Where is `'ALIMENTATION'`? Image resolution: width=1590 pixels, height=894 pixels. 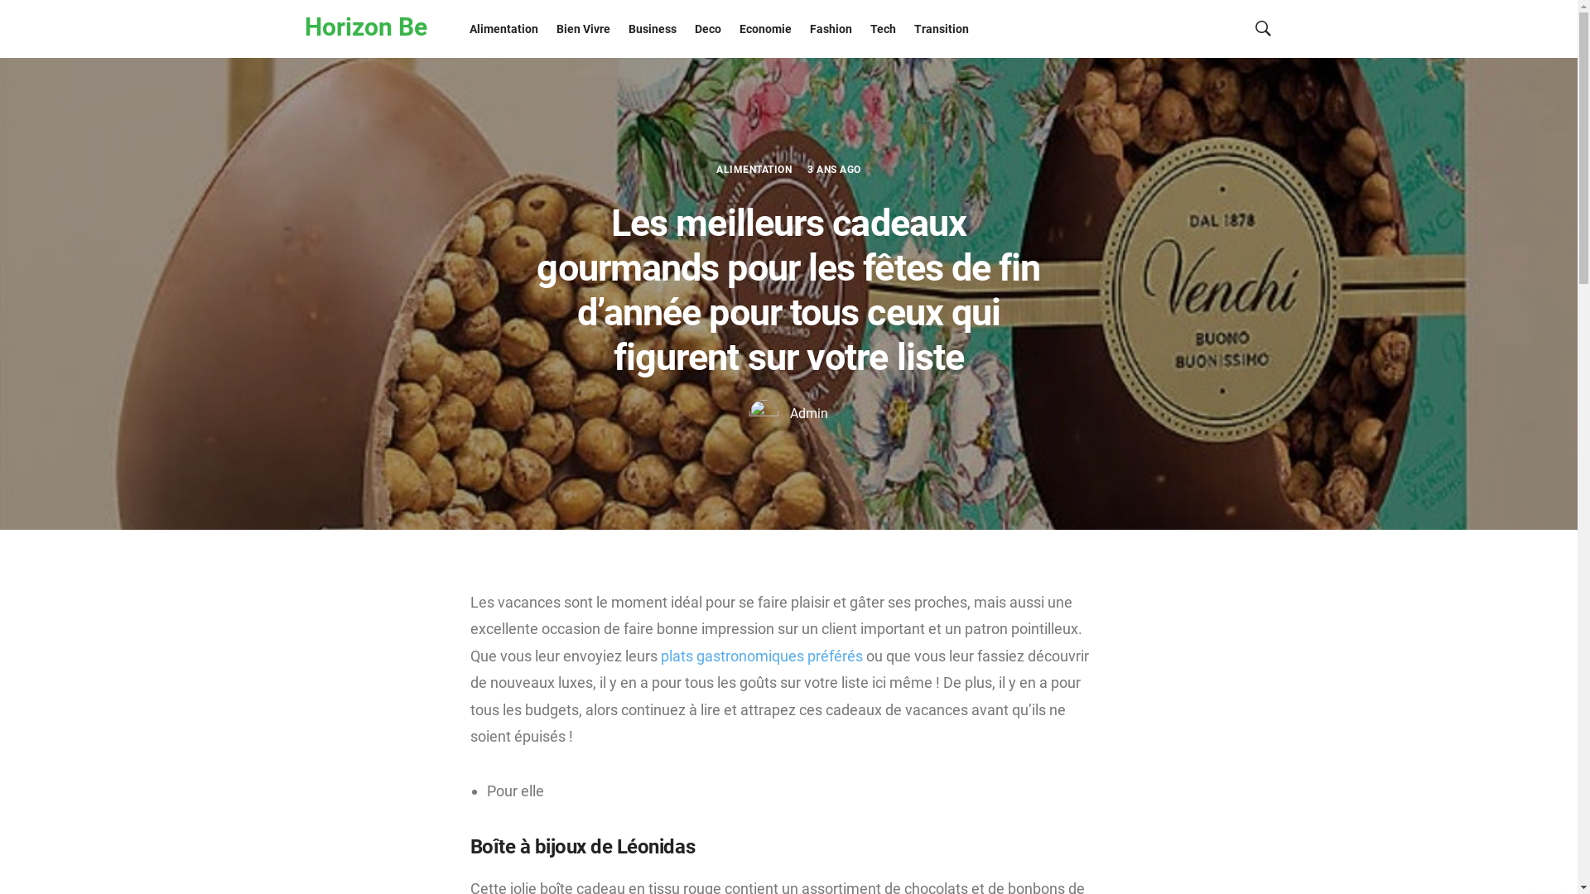 'ALIMENTATION' is located at coordinates (753, 169).